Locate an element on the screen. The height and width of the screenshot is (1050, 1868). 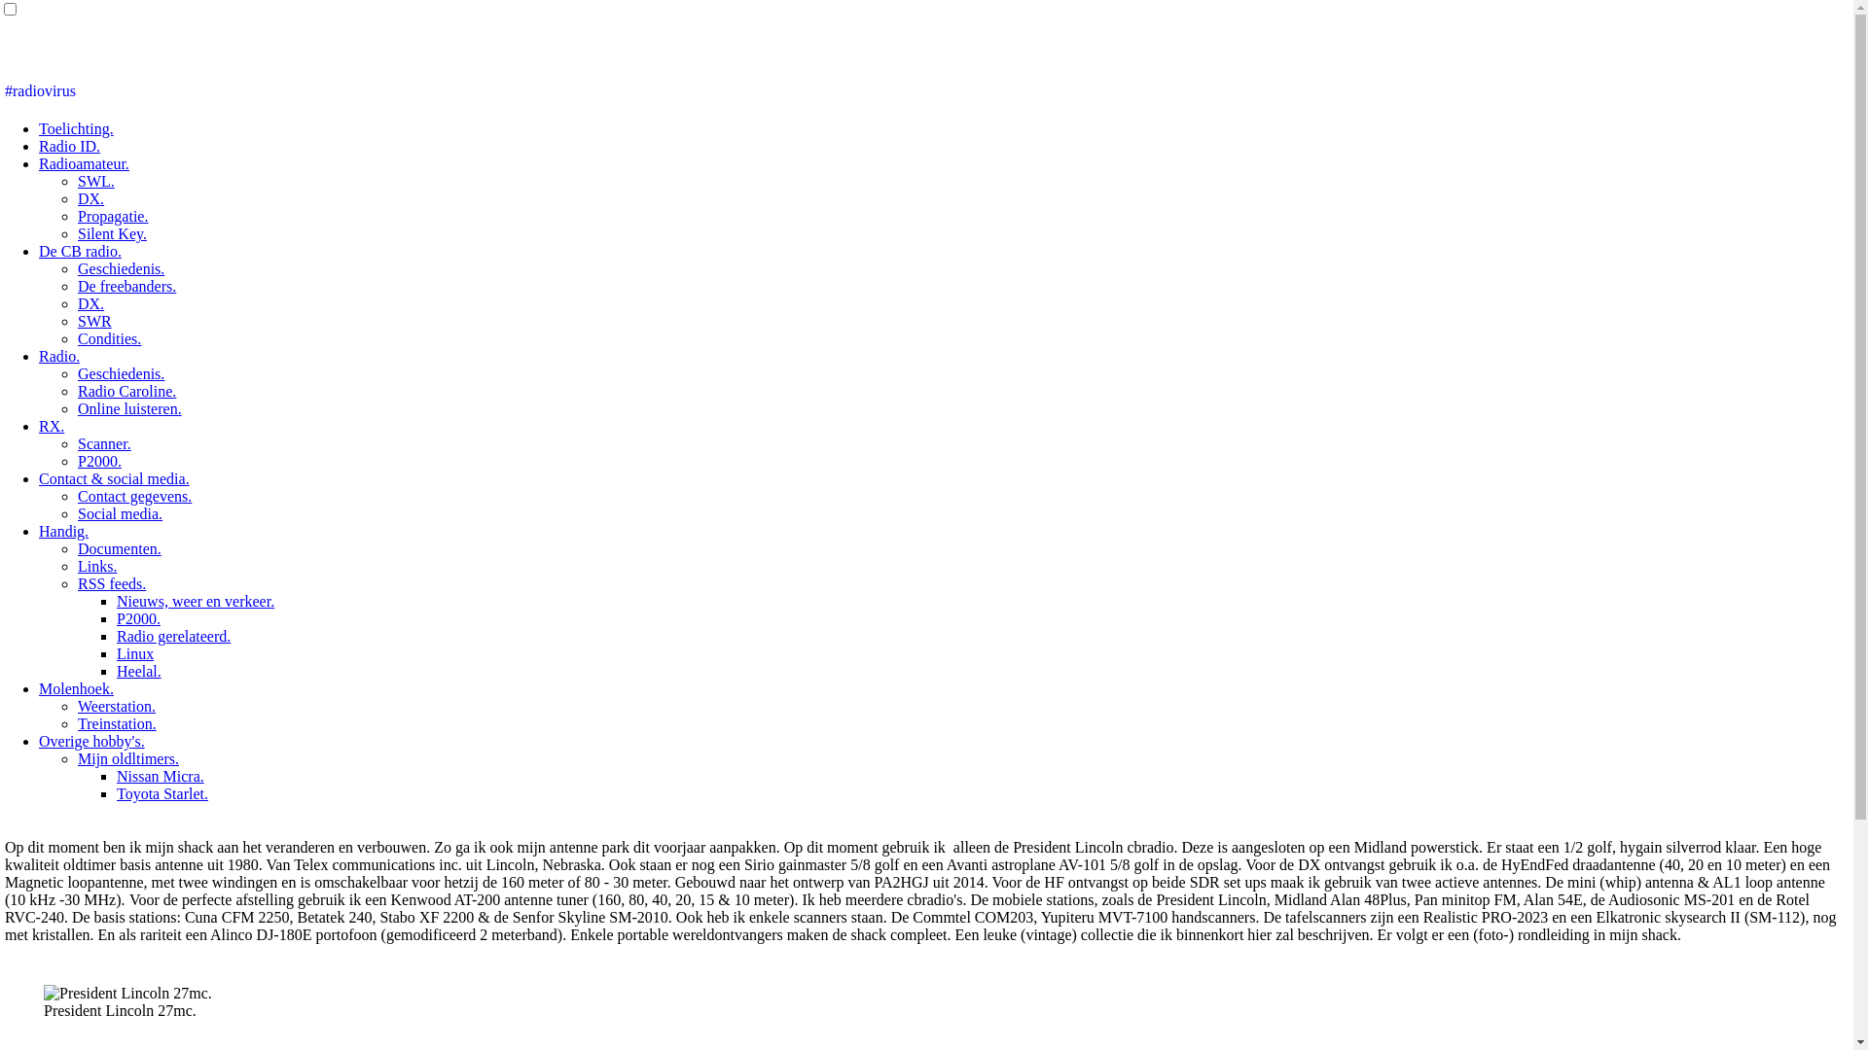
'Treinstation.' is located at coordinates (78, 723).